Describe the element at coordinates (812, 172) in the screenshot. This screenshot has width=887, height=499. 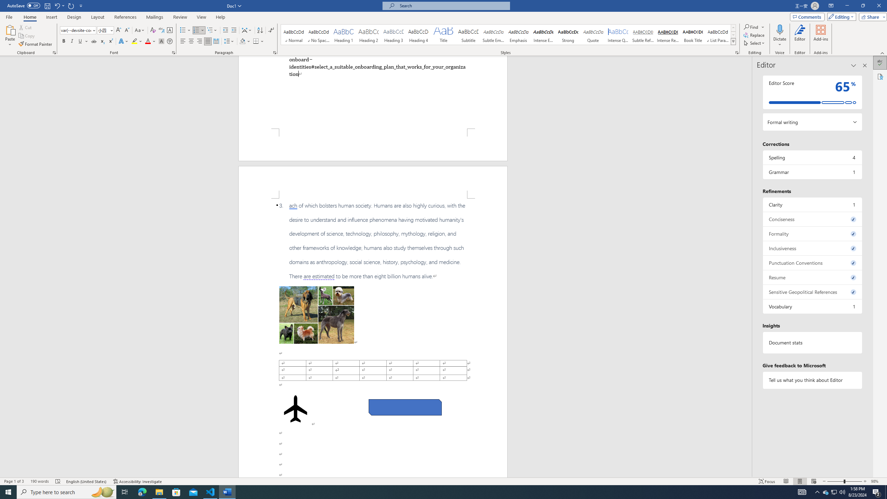
I see `'Grammar, 1 issue. Press space or enter to review items.'` at that location.